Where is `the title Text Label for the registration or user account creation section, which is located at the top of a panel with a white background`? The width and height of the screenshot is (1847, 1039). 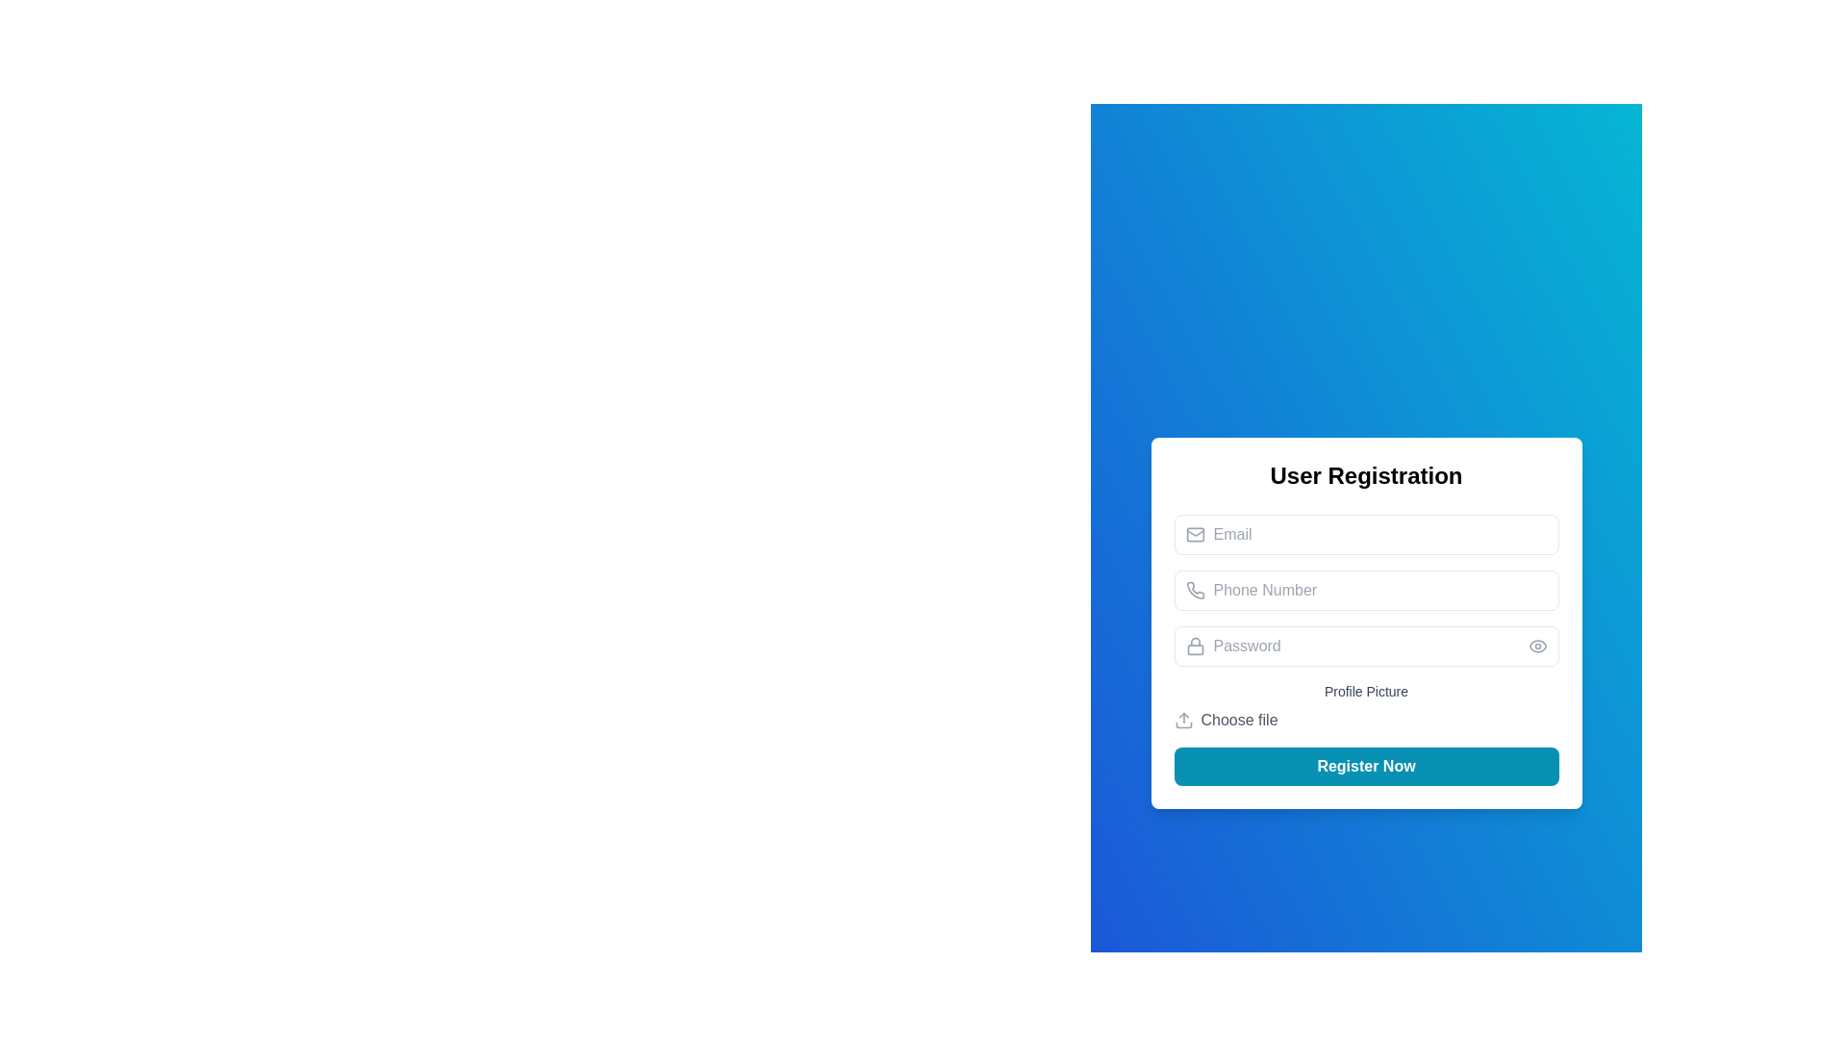
the title Text Label for the registration or user account creation section, which is located at the top of a panel with a white background is located at coordinates (1365, 475).